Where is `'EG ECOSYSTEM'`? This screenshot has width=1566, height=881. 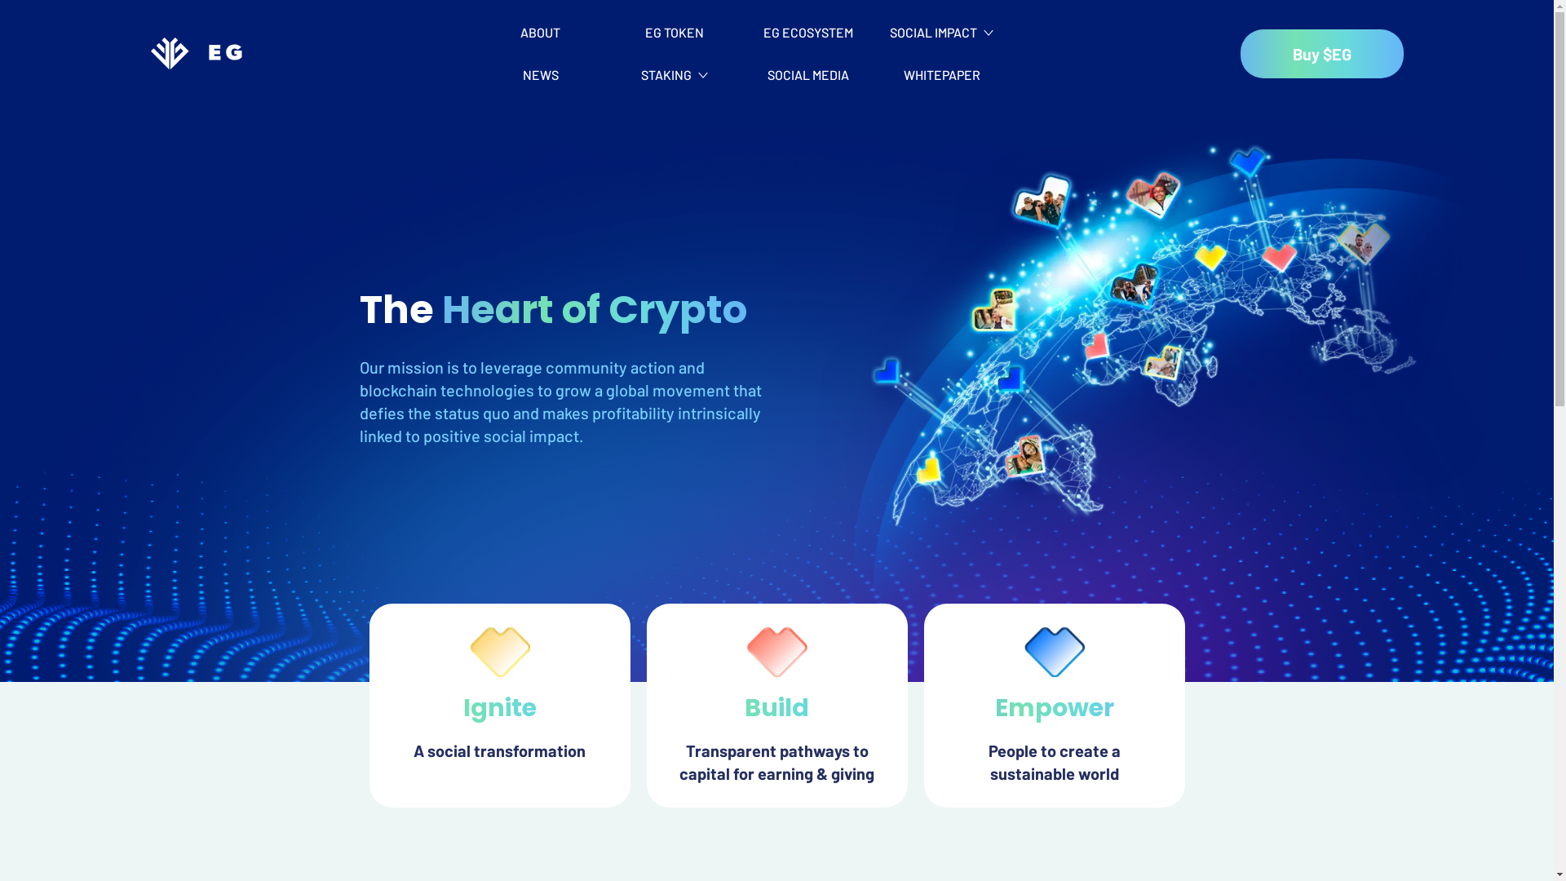
'EG ECOSYSTEM' is located at coordinates (807, 32).